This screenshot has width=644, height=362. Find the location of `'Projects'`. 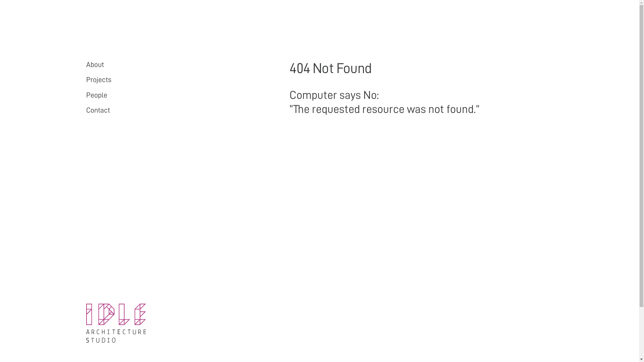

'Projects' is located at coordinates (98, 79).